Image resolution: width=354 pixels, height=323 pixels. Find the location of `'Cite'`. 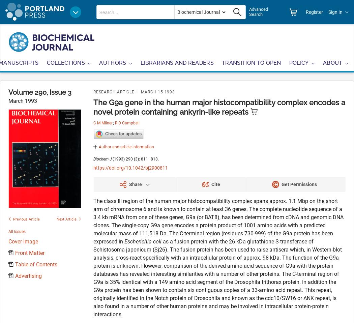

'Cite' is located at coordinates (215, 183).